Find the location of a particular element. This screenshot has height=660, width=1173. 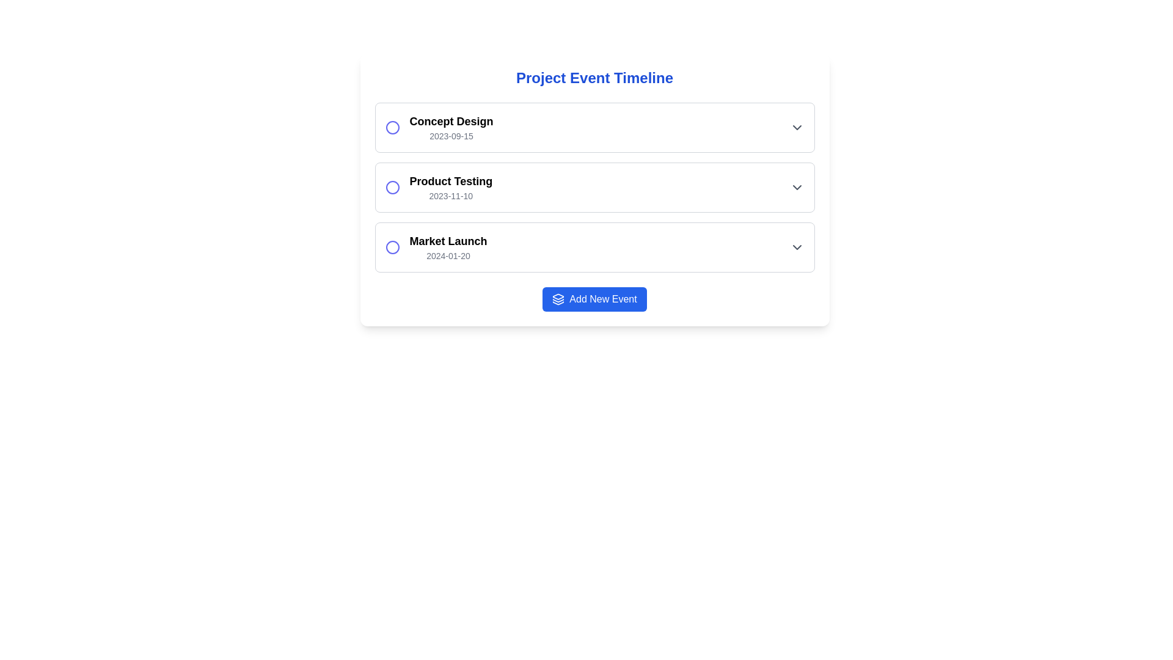

the chevron-down icon located on the far right side of the 'Concept Design' item is located at coordinates (797, 127).